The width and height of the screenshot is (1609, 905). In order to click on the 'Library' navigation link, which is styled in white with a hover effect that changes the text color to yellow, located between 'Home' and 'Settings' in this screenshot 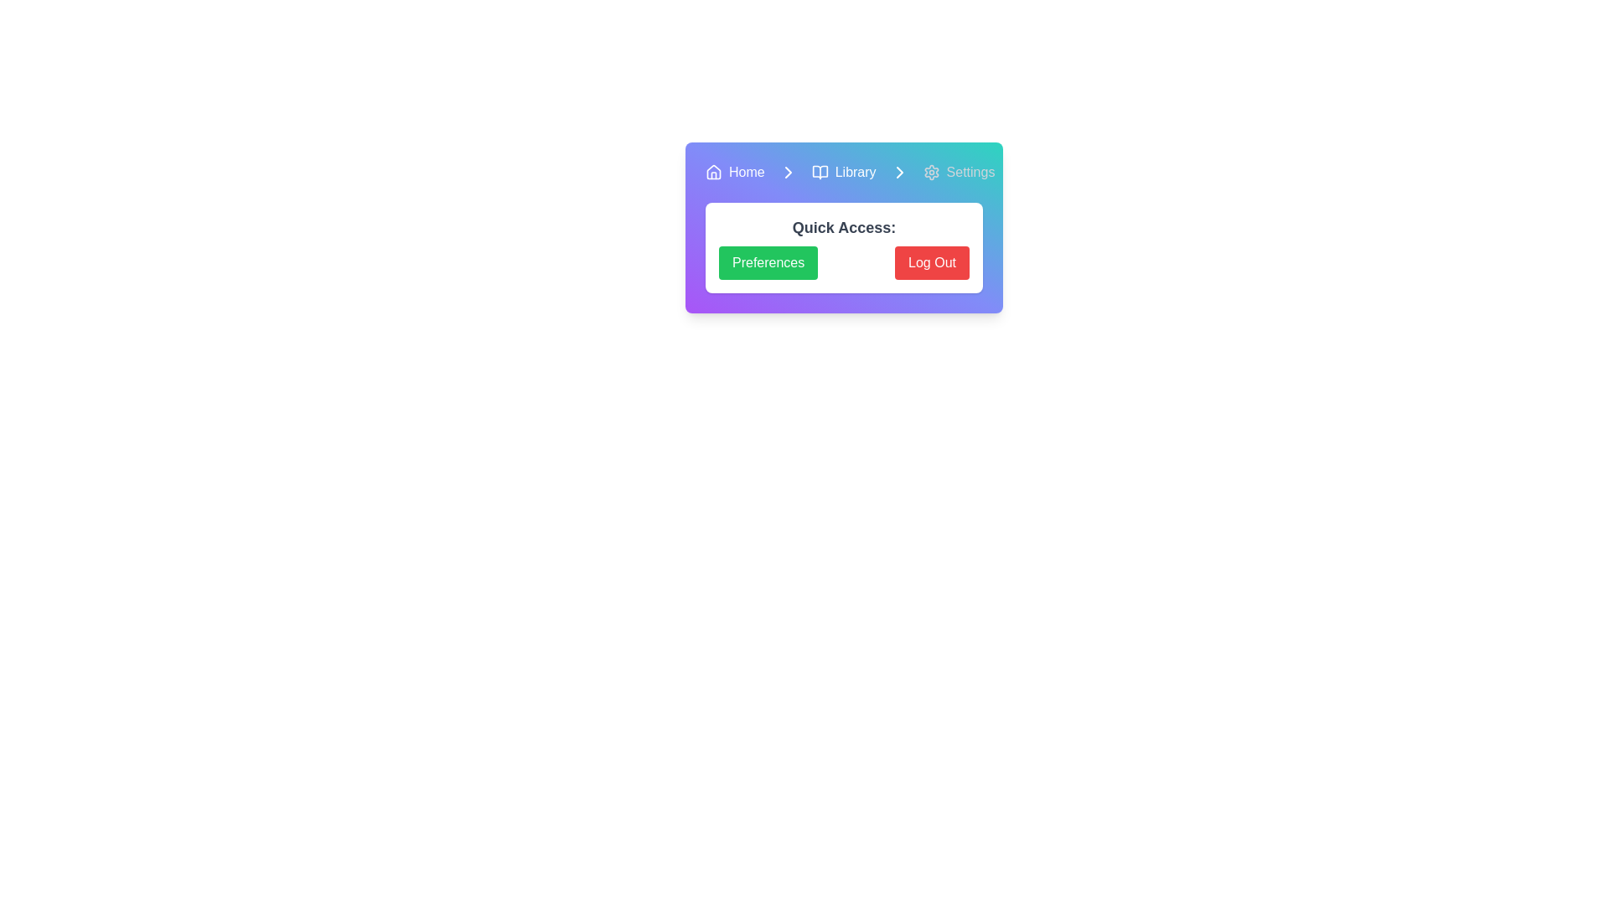, I will do `click(844, 172)`.